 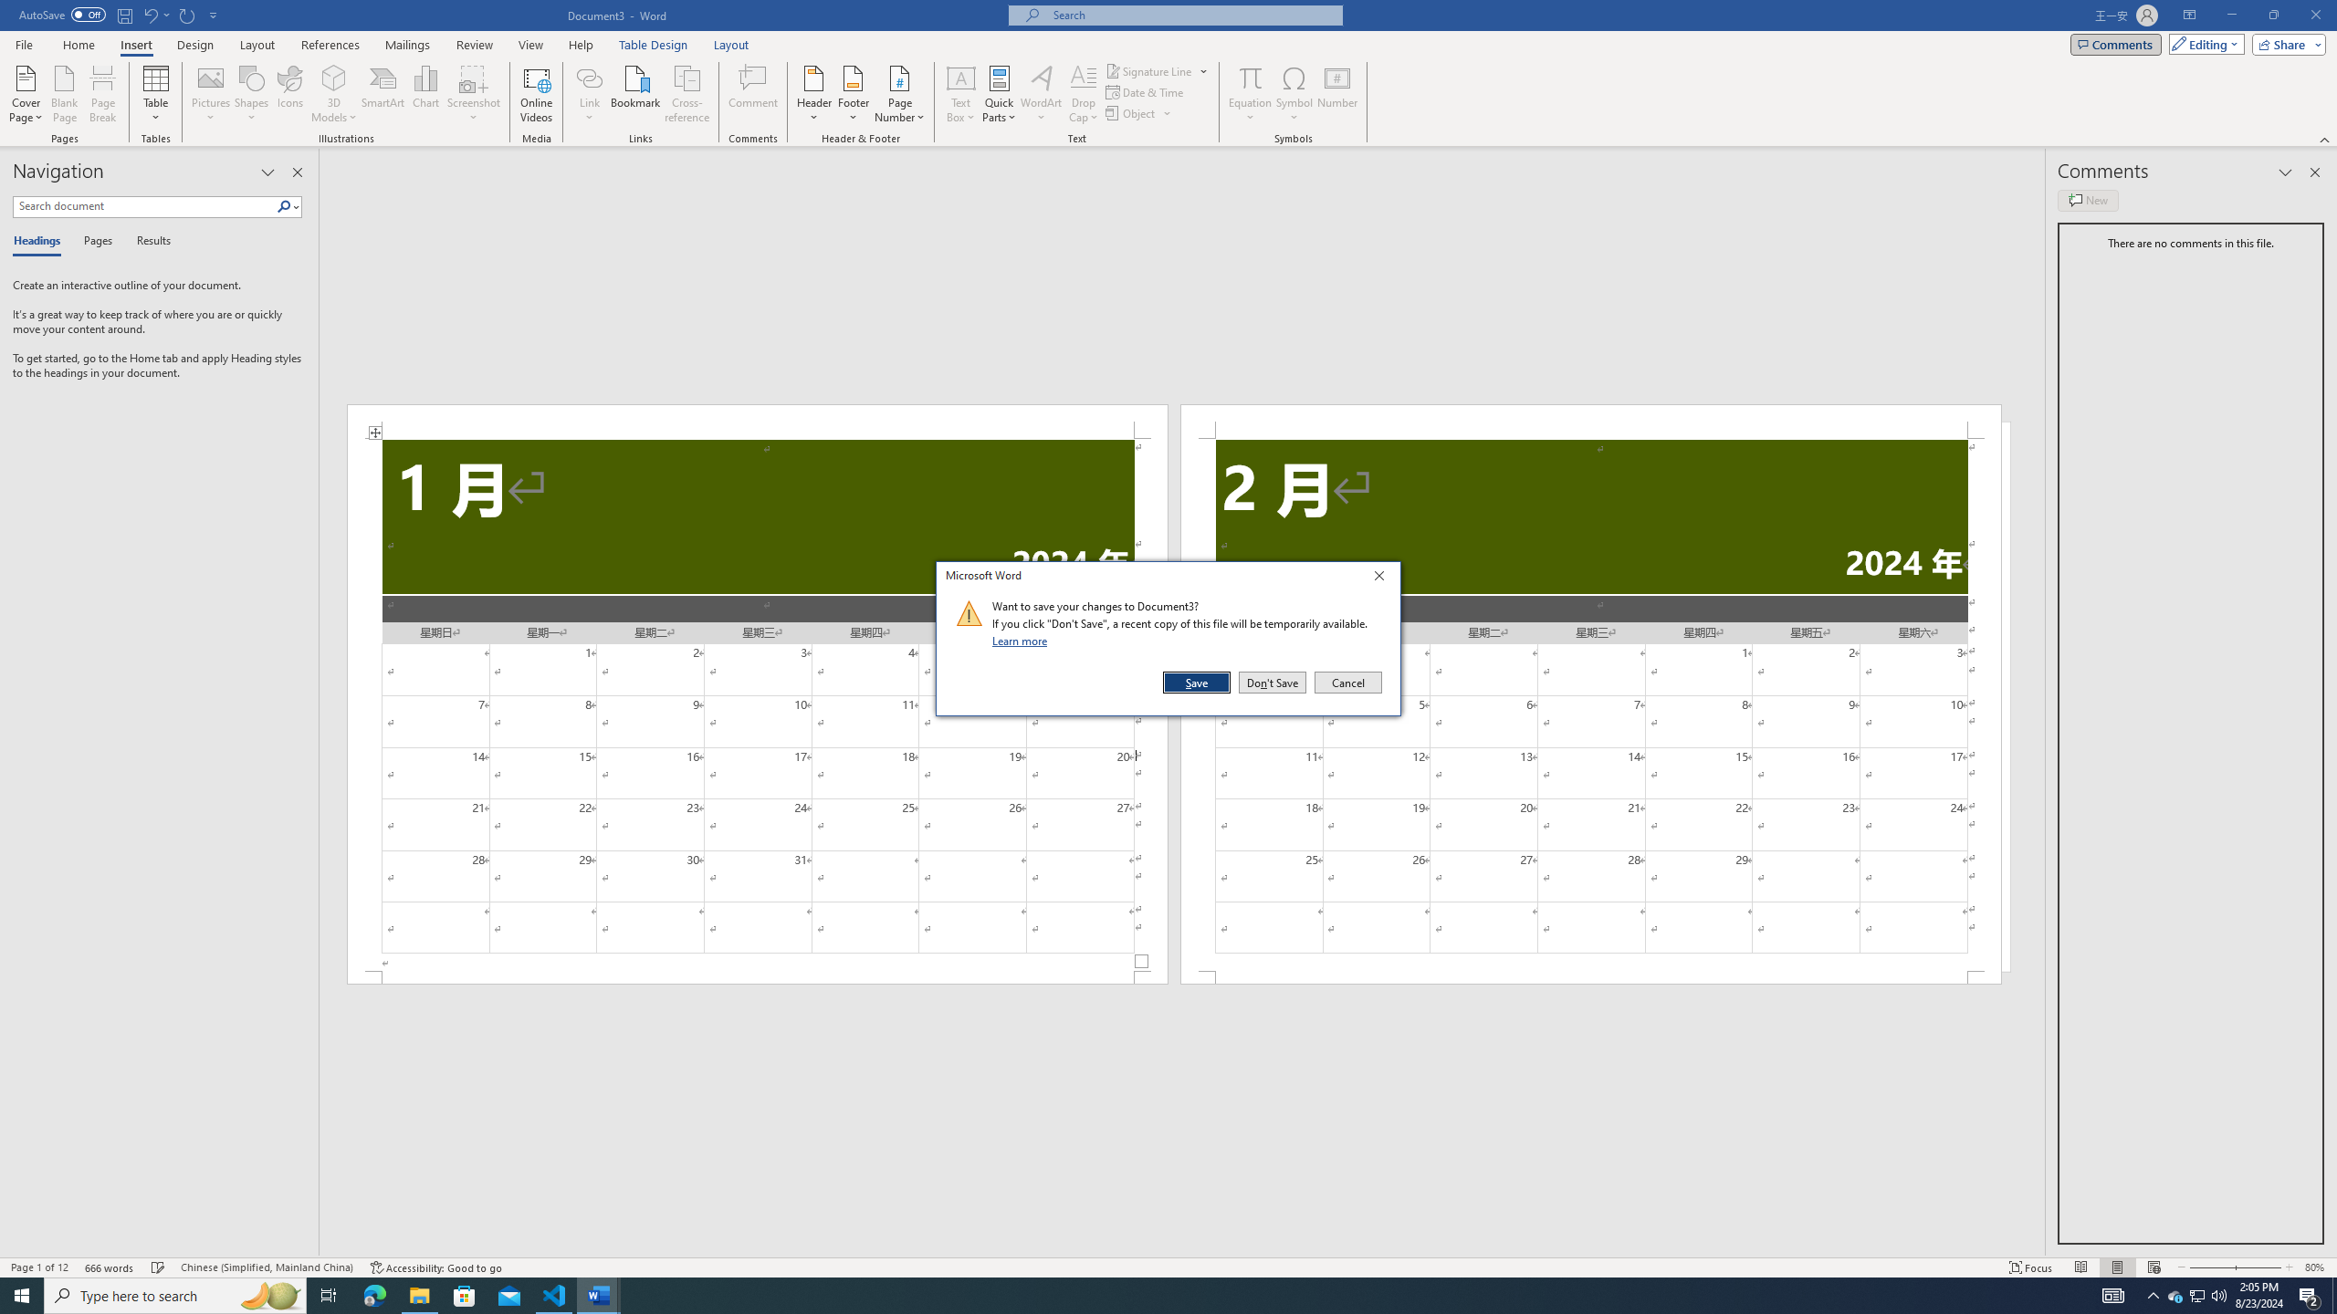 What do you see at coordinates (334, 94) in the screenshot?
I see `'3D Models'` at bounding box center [334, 94].